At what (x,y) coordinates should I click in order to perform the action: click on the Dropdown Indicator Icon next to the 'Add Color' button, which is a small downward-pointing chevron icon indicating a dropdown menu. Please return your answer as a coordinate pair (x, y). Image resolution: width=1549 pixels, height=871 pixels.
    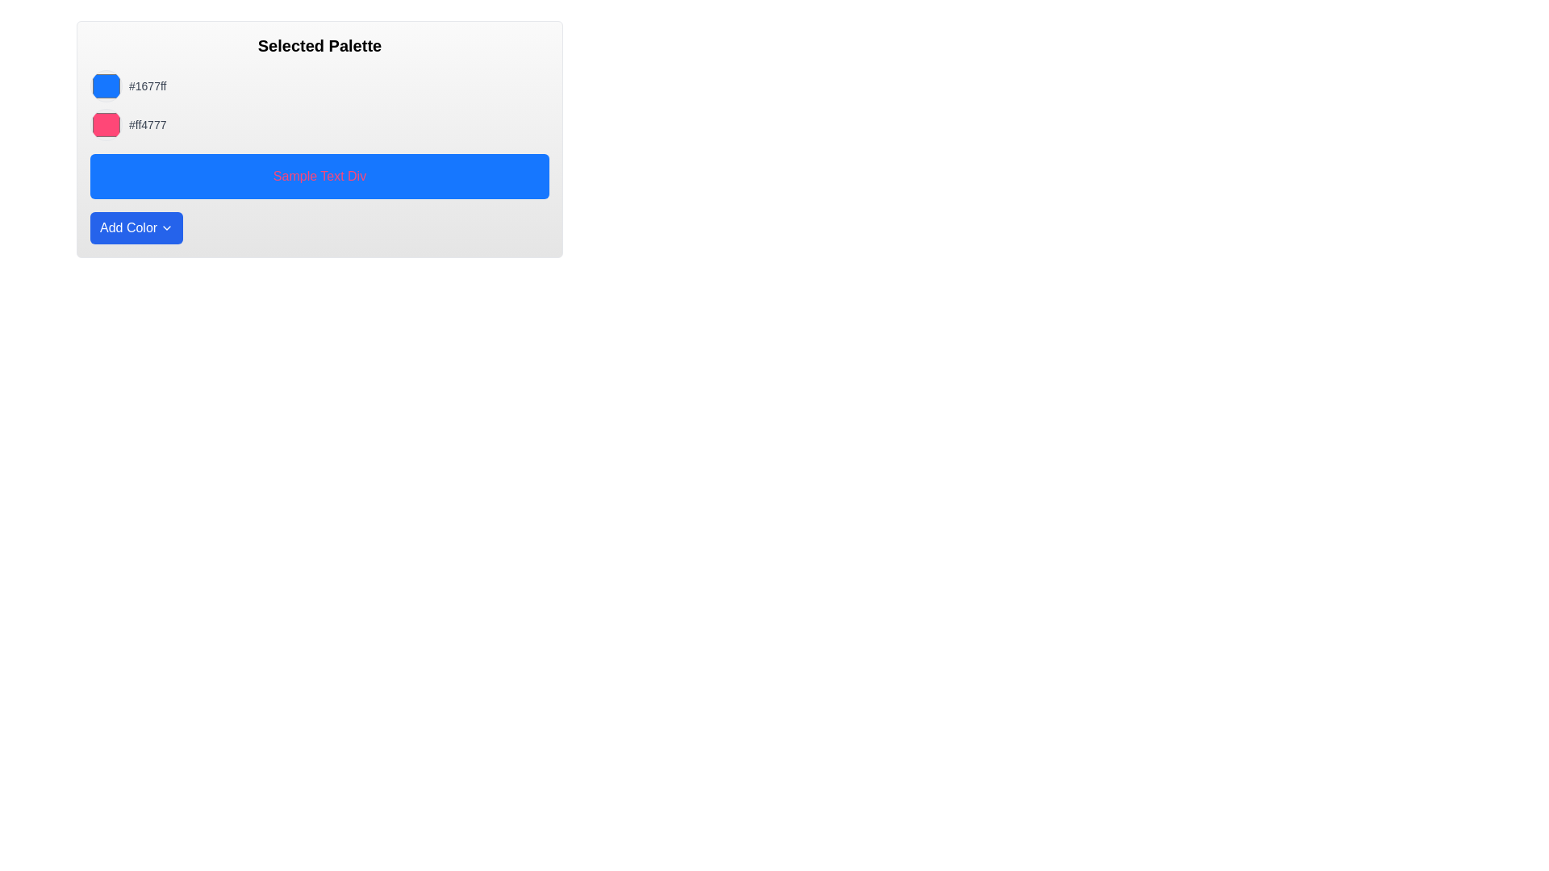
    Looking at the image, I should click on (167, 227).